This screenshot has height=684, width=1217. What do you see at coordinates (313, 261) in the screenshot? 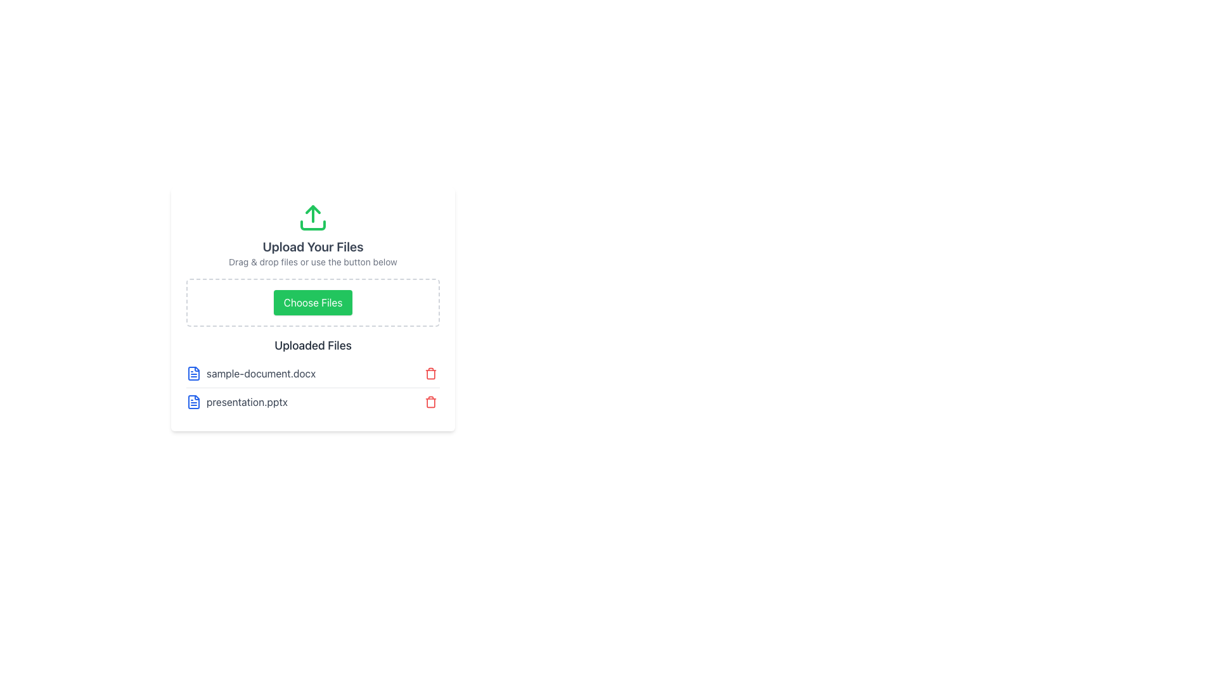
I see `the text label that reads 'Drag & drop files or use the button below', which is located below the 'Upload Your Files' header and above the 'Choose Files' button` at bounding box center [313, 261].